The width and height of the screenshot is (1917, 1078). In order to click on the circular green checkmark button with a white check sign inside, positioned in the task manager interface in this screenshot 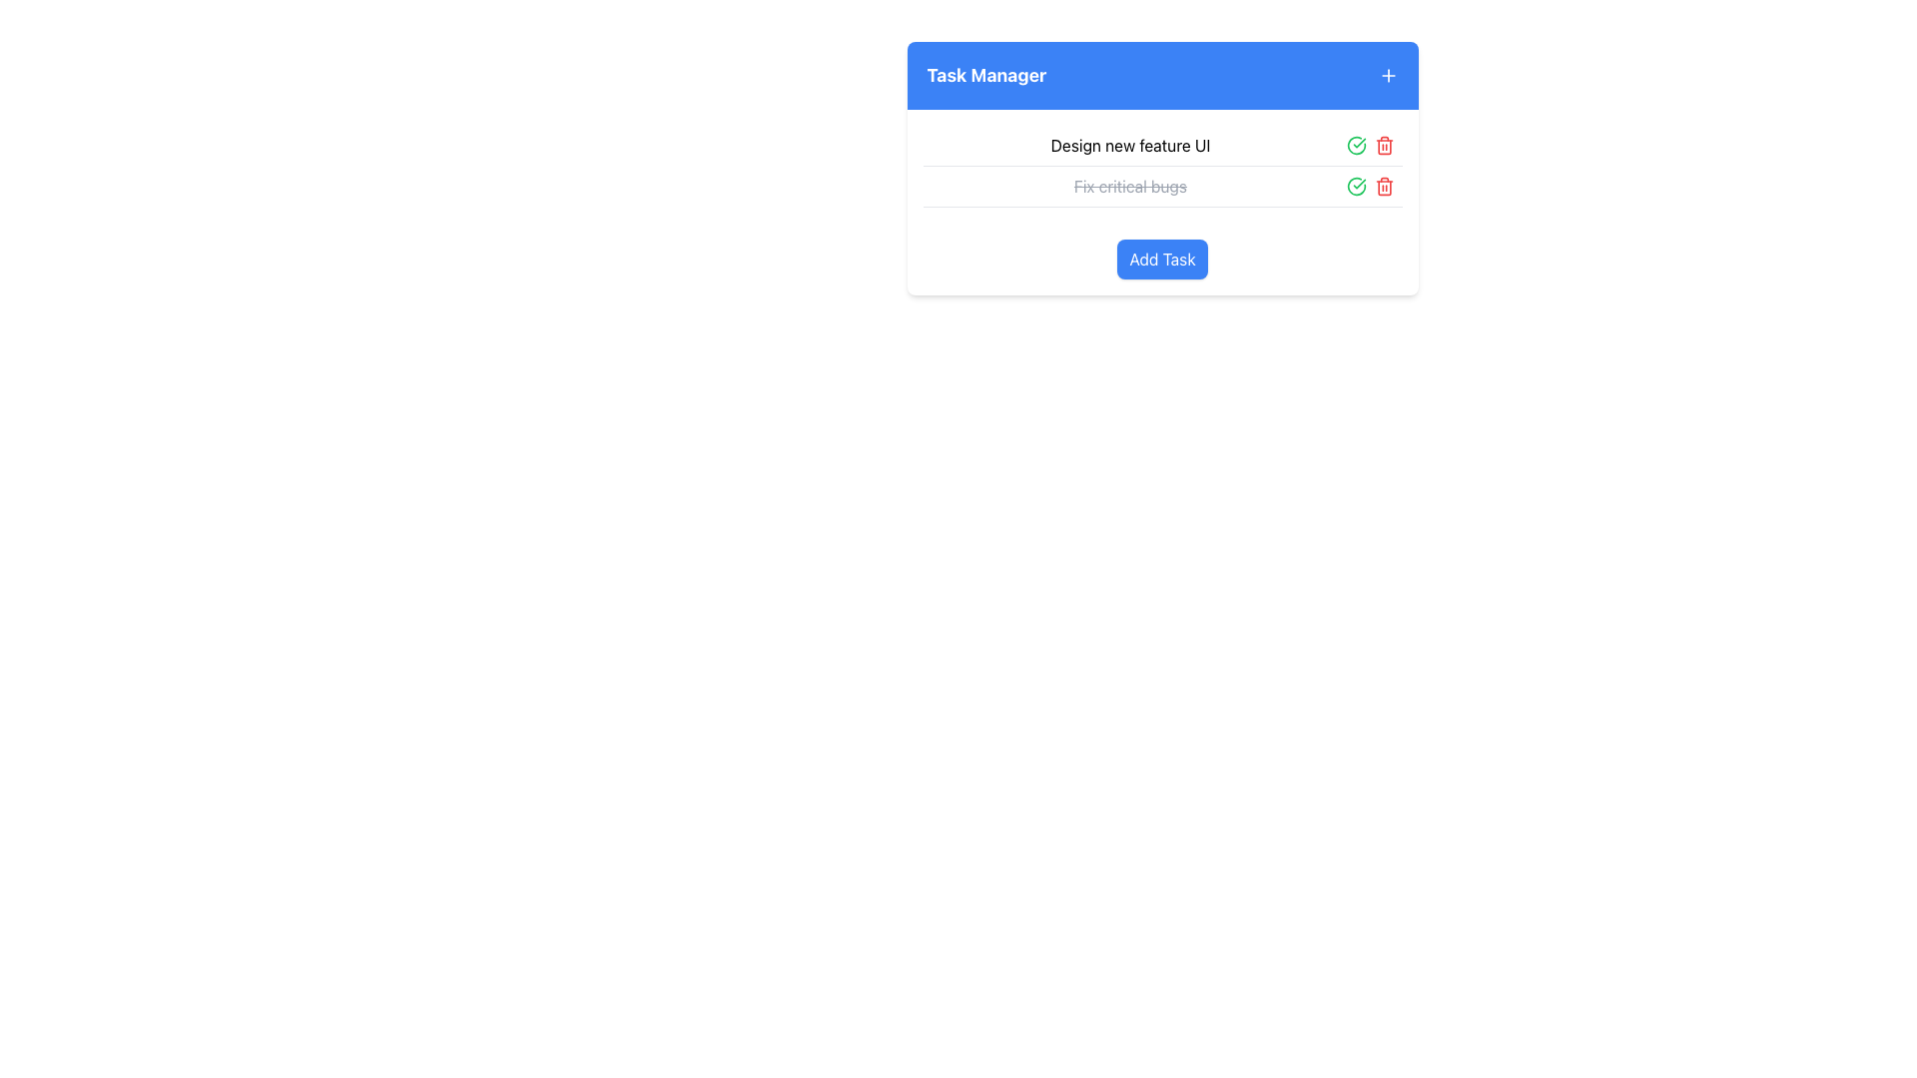, I will do `click(1356, 186)`.